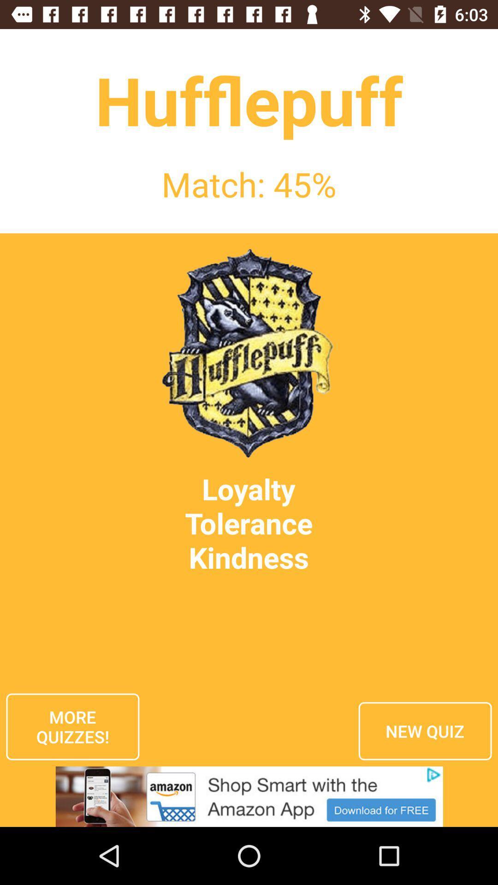 The width and height of the screenshot is (498, 885). Describe the element at coordinates (249, 796) in the screenshot. I see `advertisement` at that location.